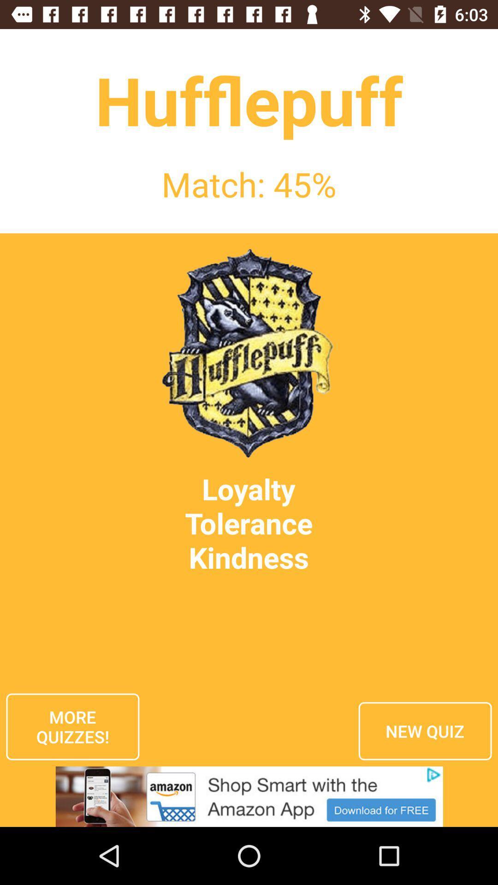 The width and height of the screenshot is (498, 885). Describe the element at coordinates (249, 796) in the screenshot. I see `advertisement` at that location.